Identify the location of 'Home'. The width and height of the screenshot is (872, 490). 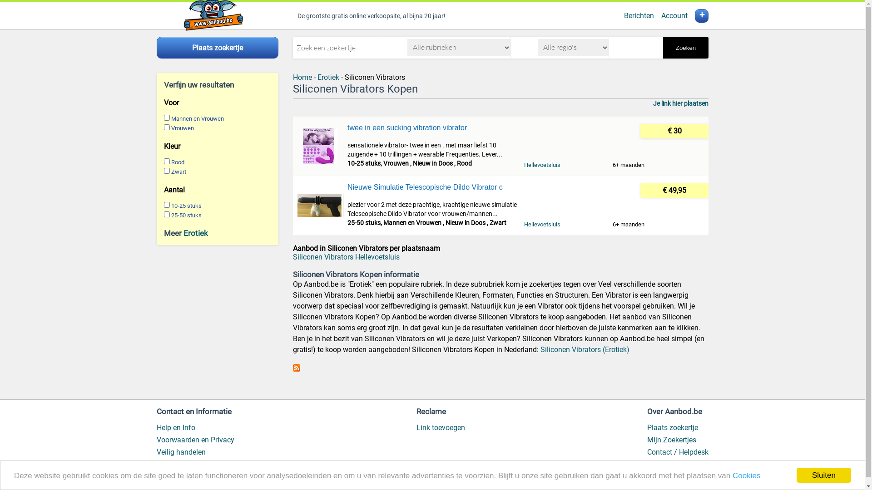
(302, 77).